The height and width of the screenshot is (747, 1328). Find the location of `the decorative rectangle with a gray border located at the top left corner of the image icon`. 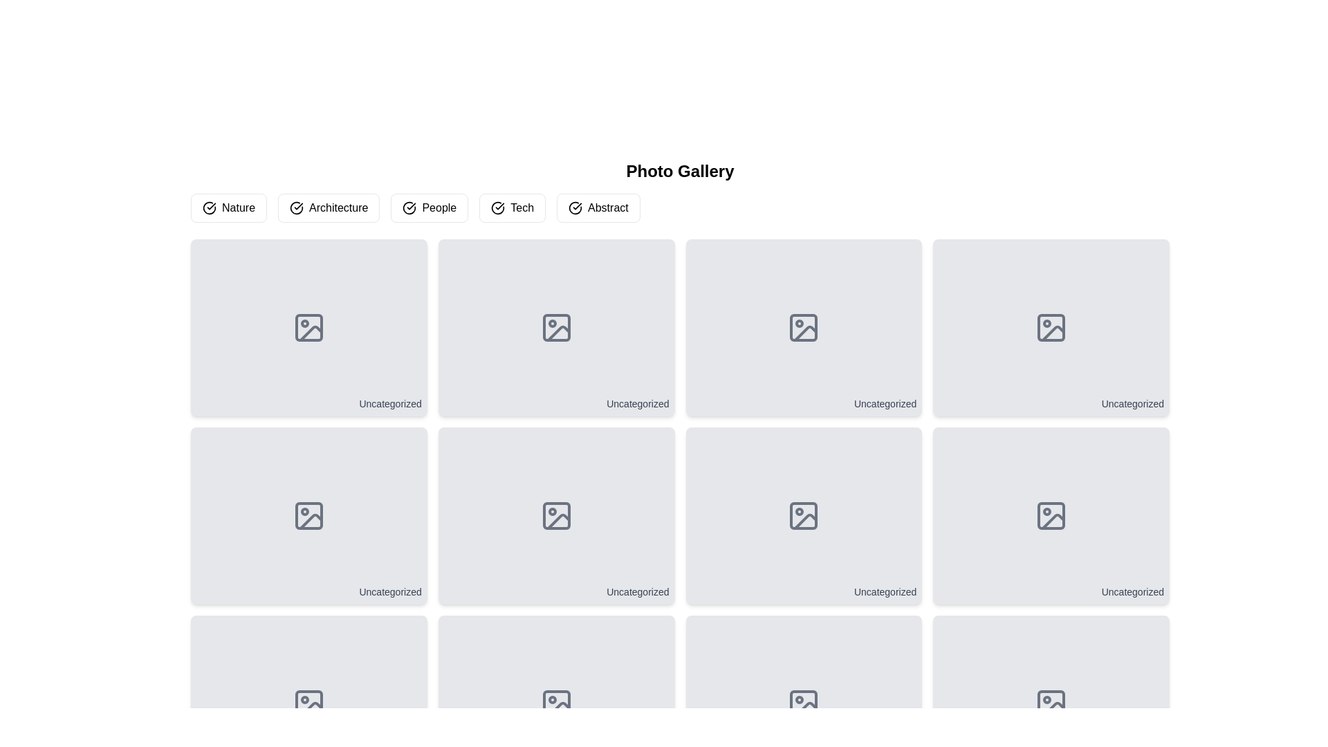

the decorative rectangle with a gray border located at the top left corner of the image icon is located at coordinates (308, 515).